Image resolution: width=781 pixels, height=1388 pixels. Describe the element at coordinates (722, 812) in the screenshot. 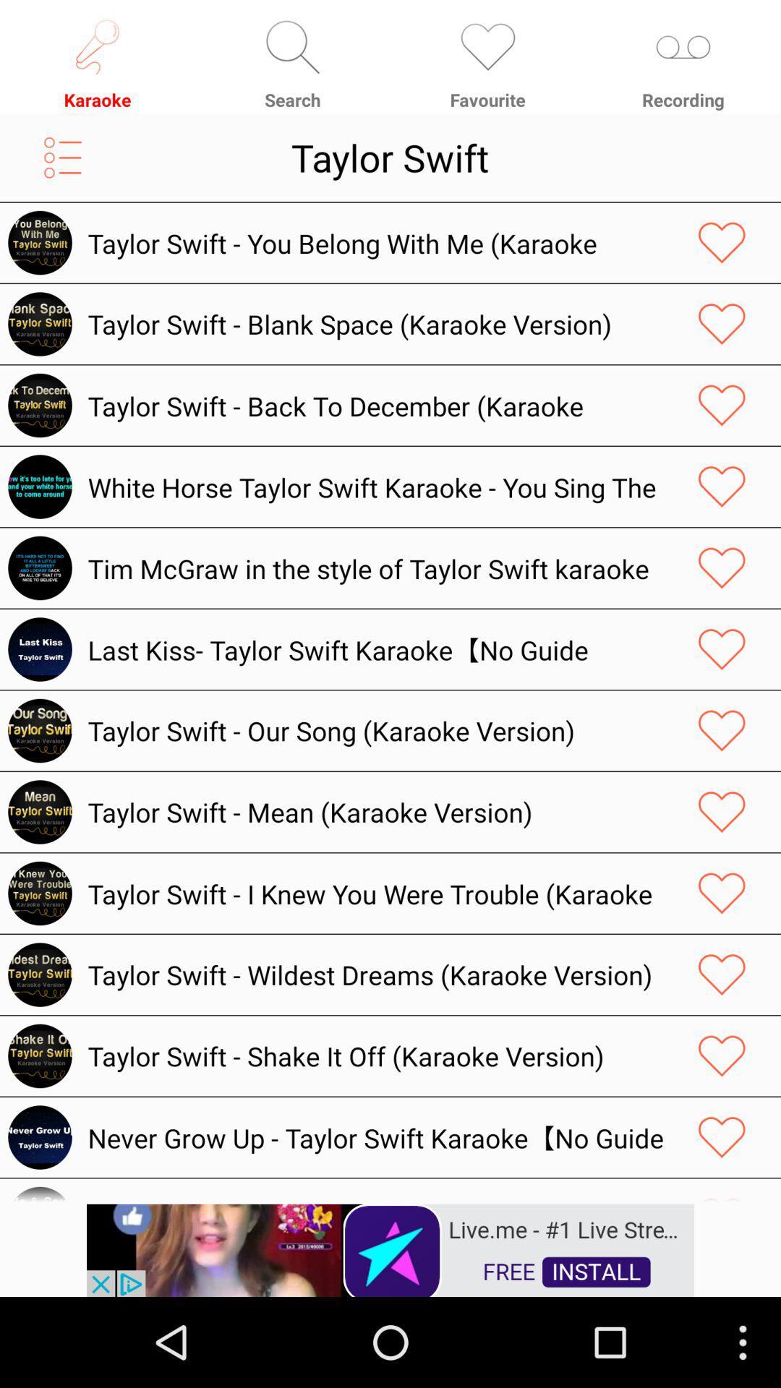

I see `like a music` at that location.